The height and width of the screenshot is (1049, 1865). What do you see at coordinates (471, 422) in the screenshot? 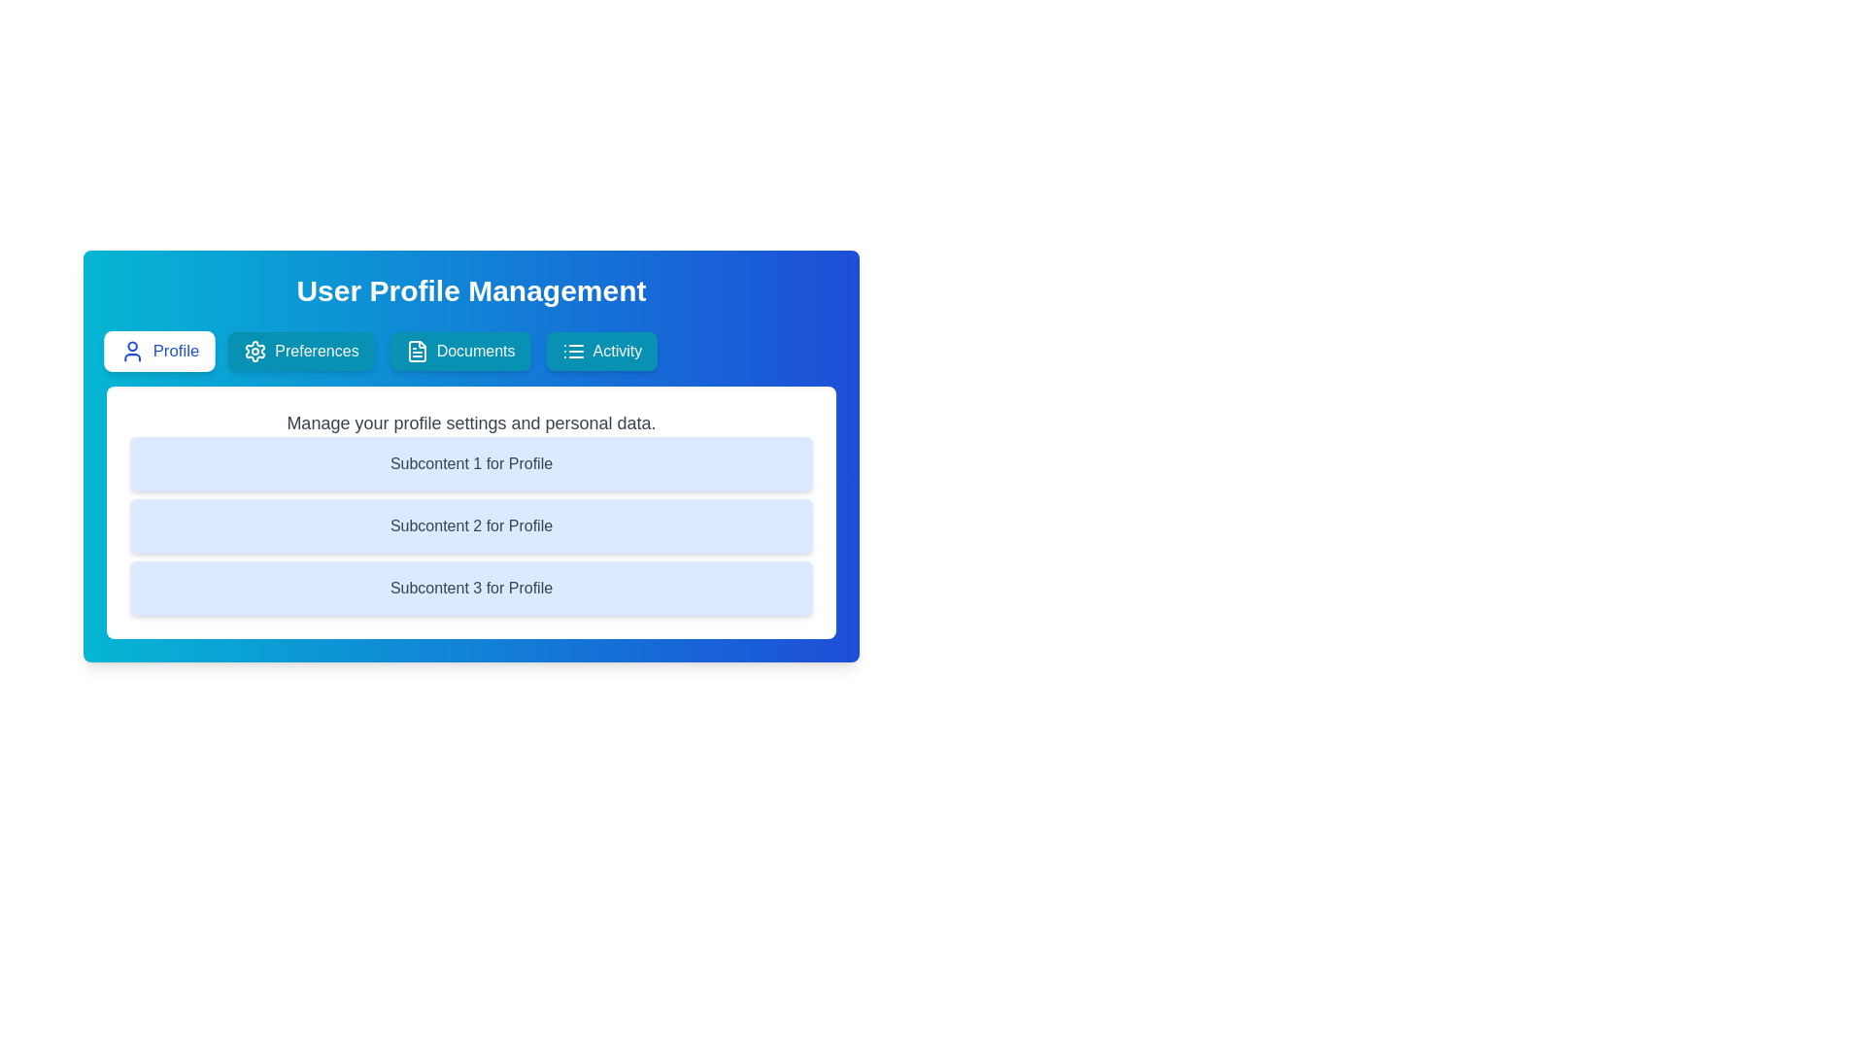
I see `information presented in the text element that states 'Manage your profile settings and personal data.', which is prominently displayed at the top of the user profile section` at bounding box center [471, 422].